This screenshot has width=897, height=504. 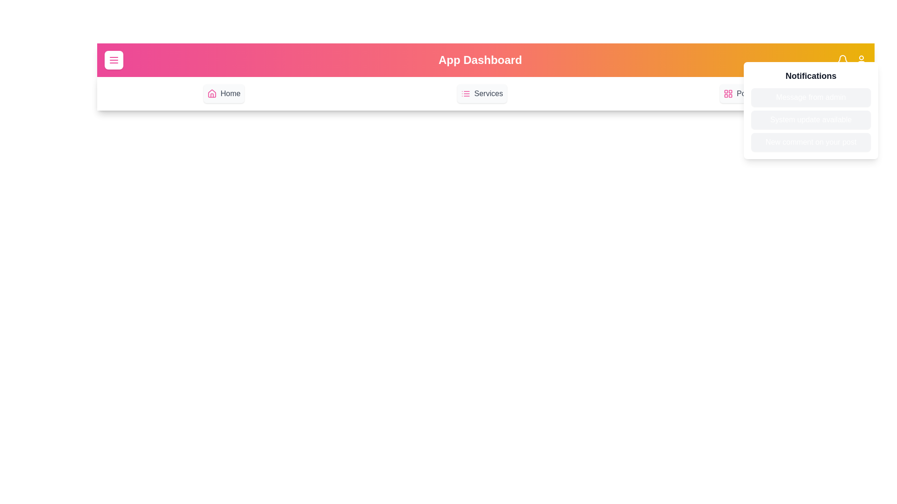 What do you see at coordinates (114, 60) in the screenshot?
I see `the menu button to toggle the menu visibility` at bounding box center [114, 60].